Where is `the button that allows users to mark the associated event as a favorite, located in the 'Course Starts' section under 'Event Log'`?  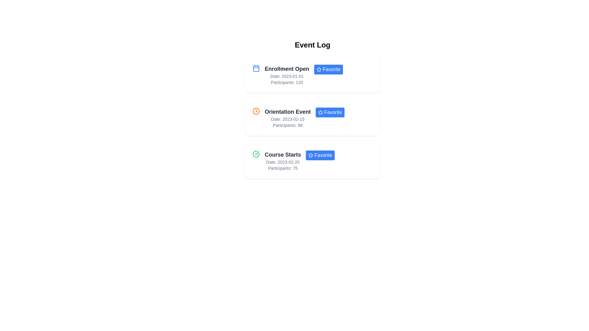
the button that allows users to mark the associated event as a favorite, located in the 'Course Starts' section under 'Event Log' is located at coordinates (320, 155).